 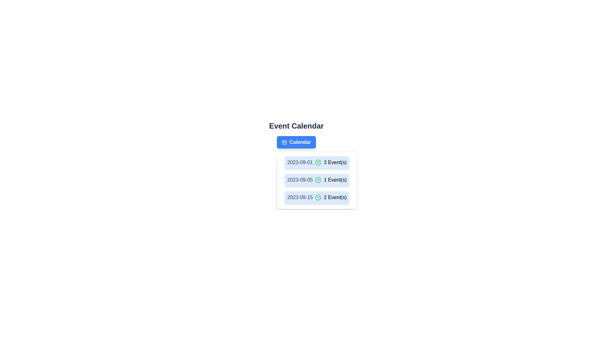 I want to click on the Text Label with Icon displaying '2 Event(s)' which is accompanied by a green circular icon with a check mark, so click(x=330, y=197).